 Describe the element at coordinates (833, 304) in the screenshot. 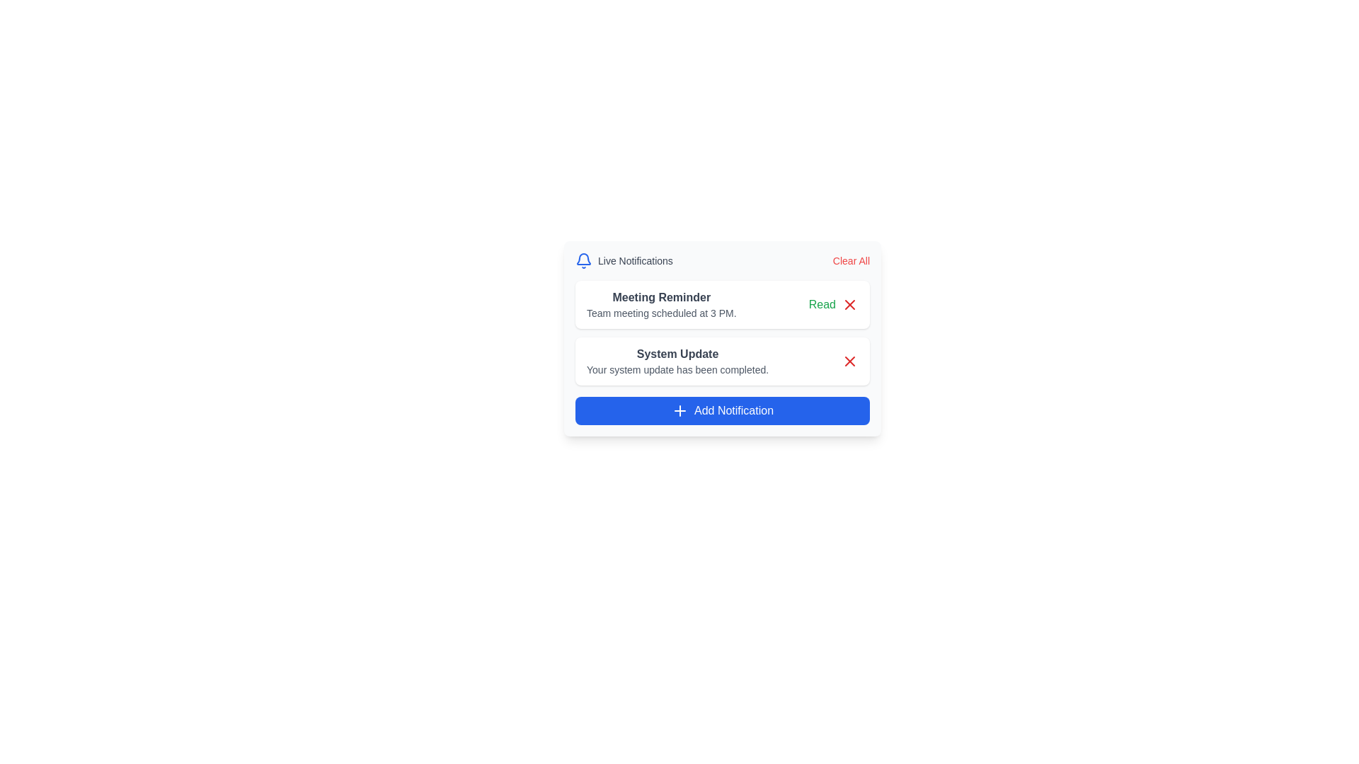

I see `the 'Read' text element, styled in green, within the 'Meeting Reminder' notification card` at that location.